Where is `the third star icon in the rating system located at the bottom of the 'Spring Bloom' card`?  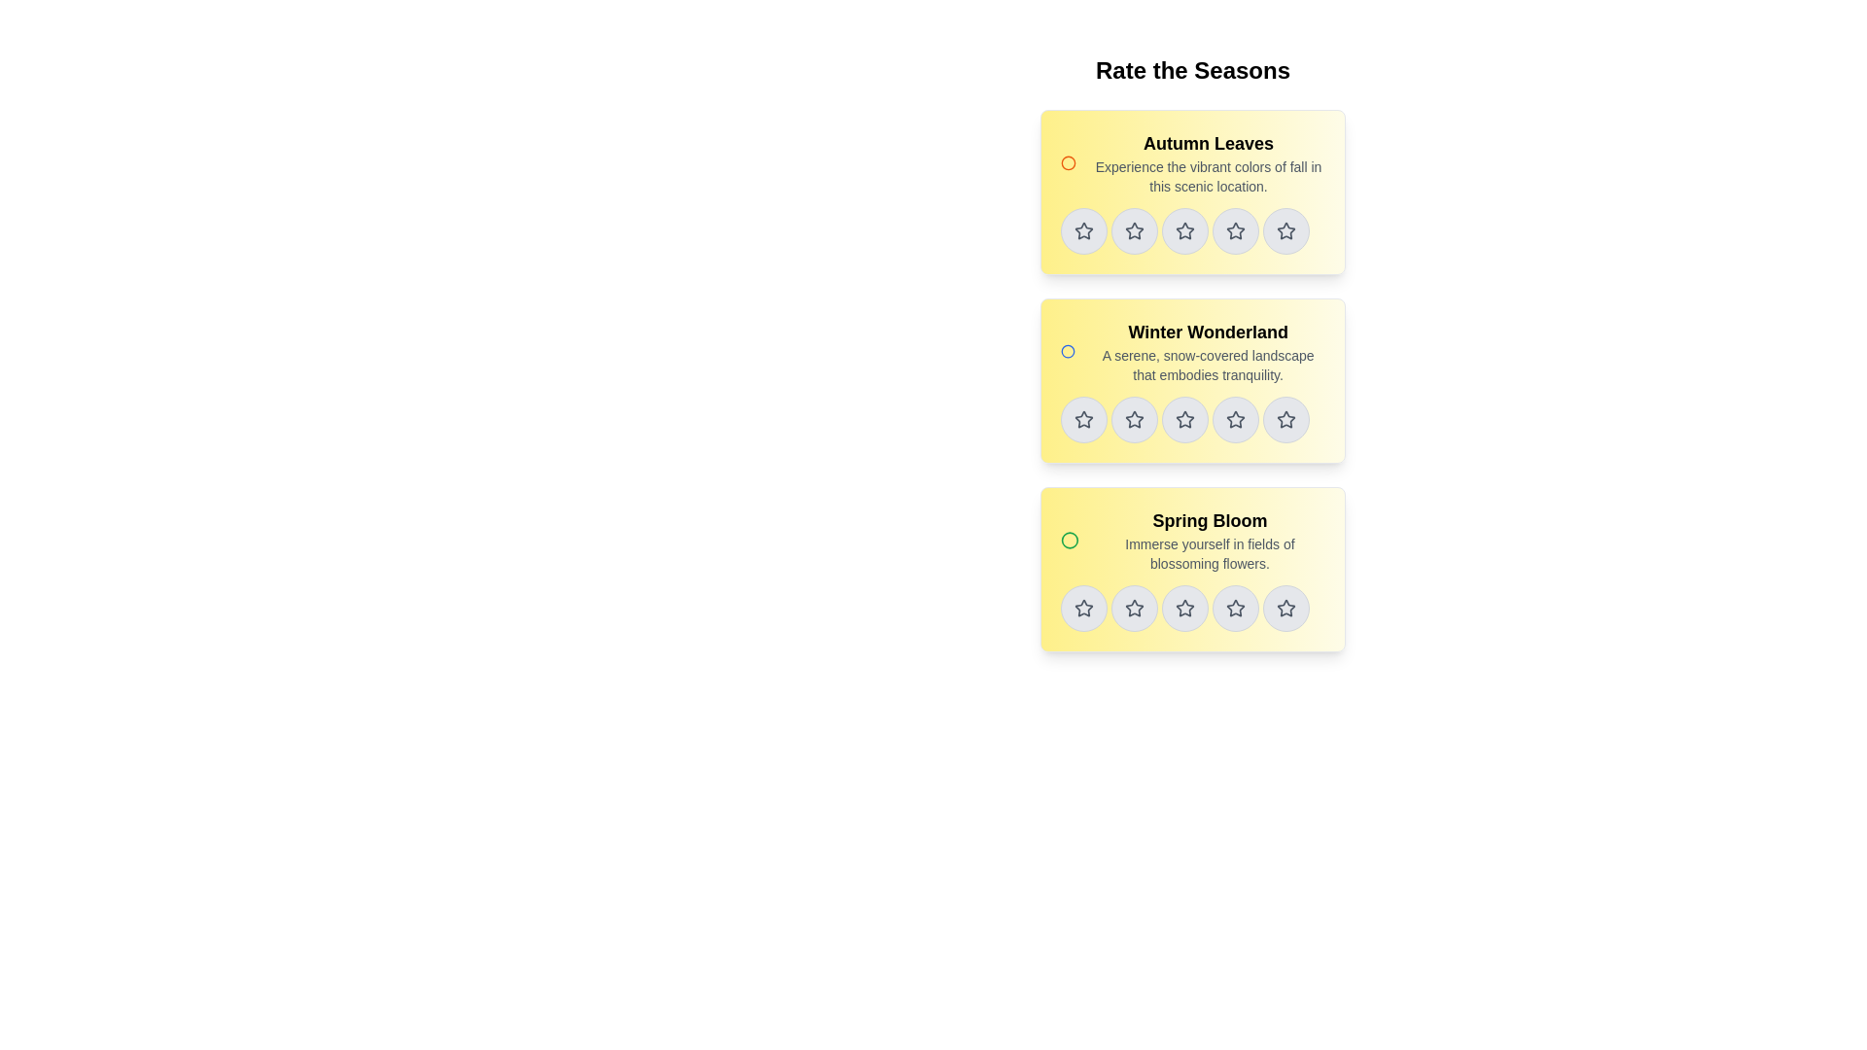 the third star icon in the rating system located at the bottom of the 'Spring Bloom' card is located at coordinates (1184, 607).